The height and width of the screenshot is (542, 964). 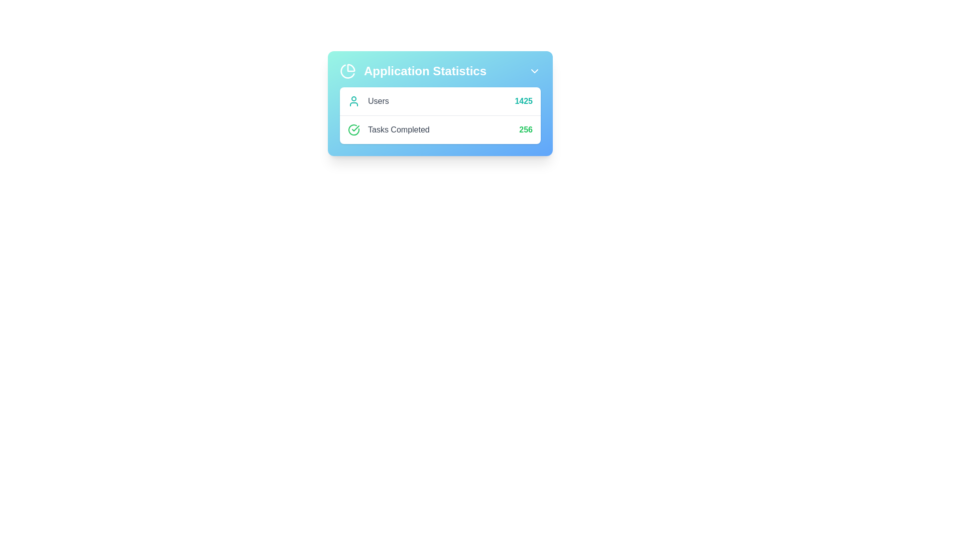 I want to click on the label that describes the number of users, which is adjacent to a teal-colored user icon and precedes the numerical statistic '1425', so click(x=368, y=101).